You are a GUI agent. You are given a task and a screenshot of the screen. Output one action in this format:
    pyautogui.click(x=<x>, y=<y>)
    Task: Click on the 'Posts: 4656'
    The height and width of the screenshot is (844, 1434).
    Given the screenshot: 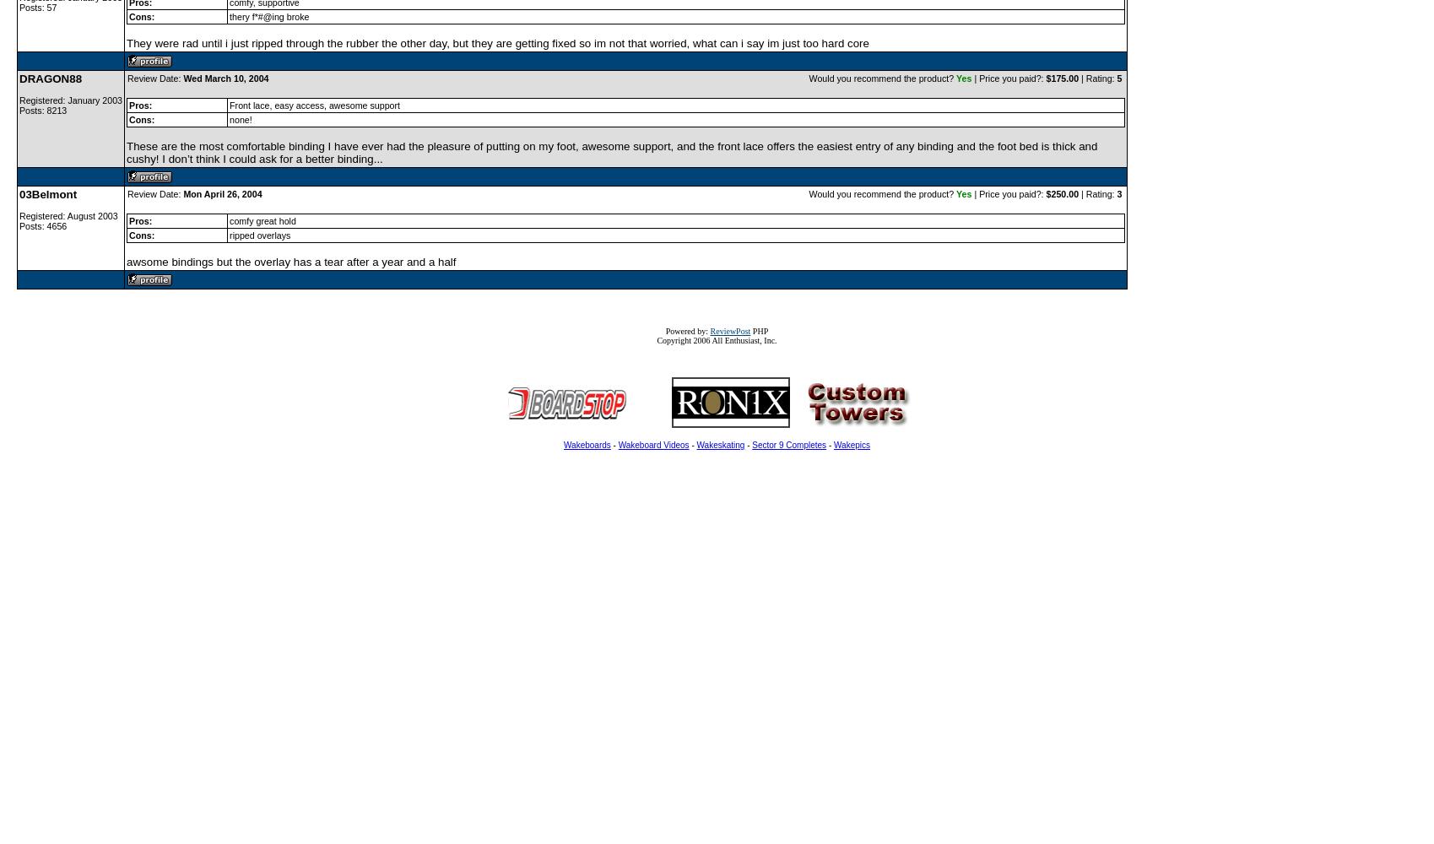 What is the action you would take?
    pyautogui.click(x=42, y=226)
    